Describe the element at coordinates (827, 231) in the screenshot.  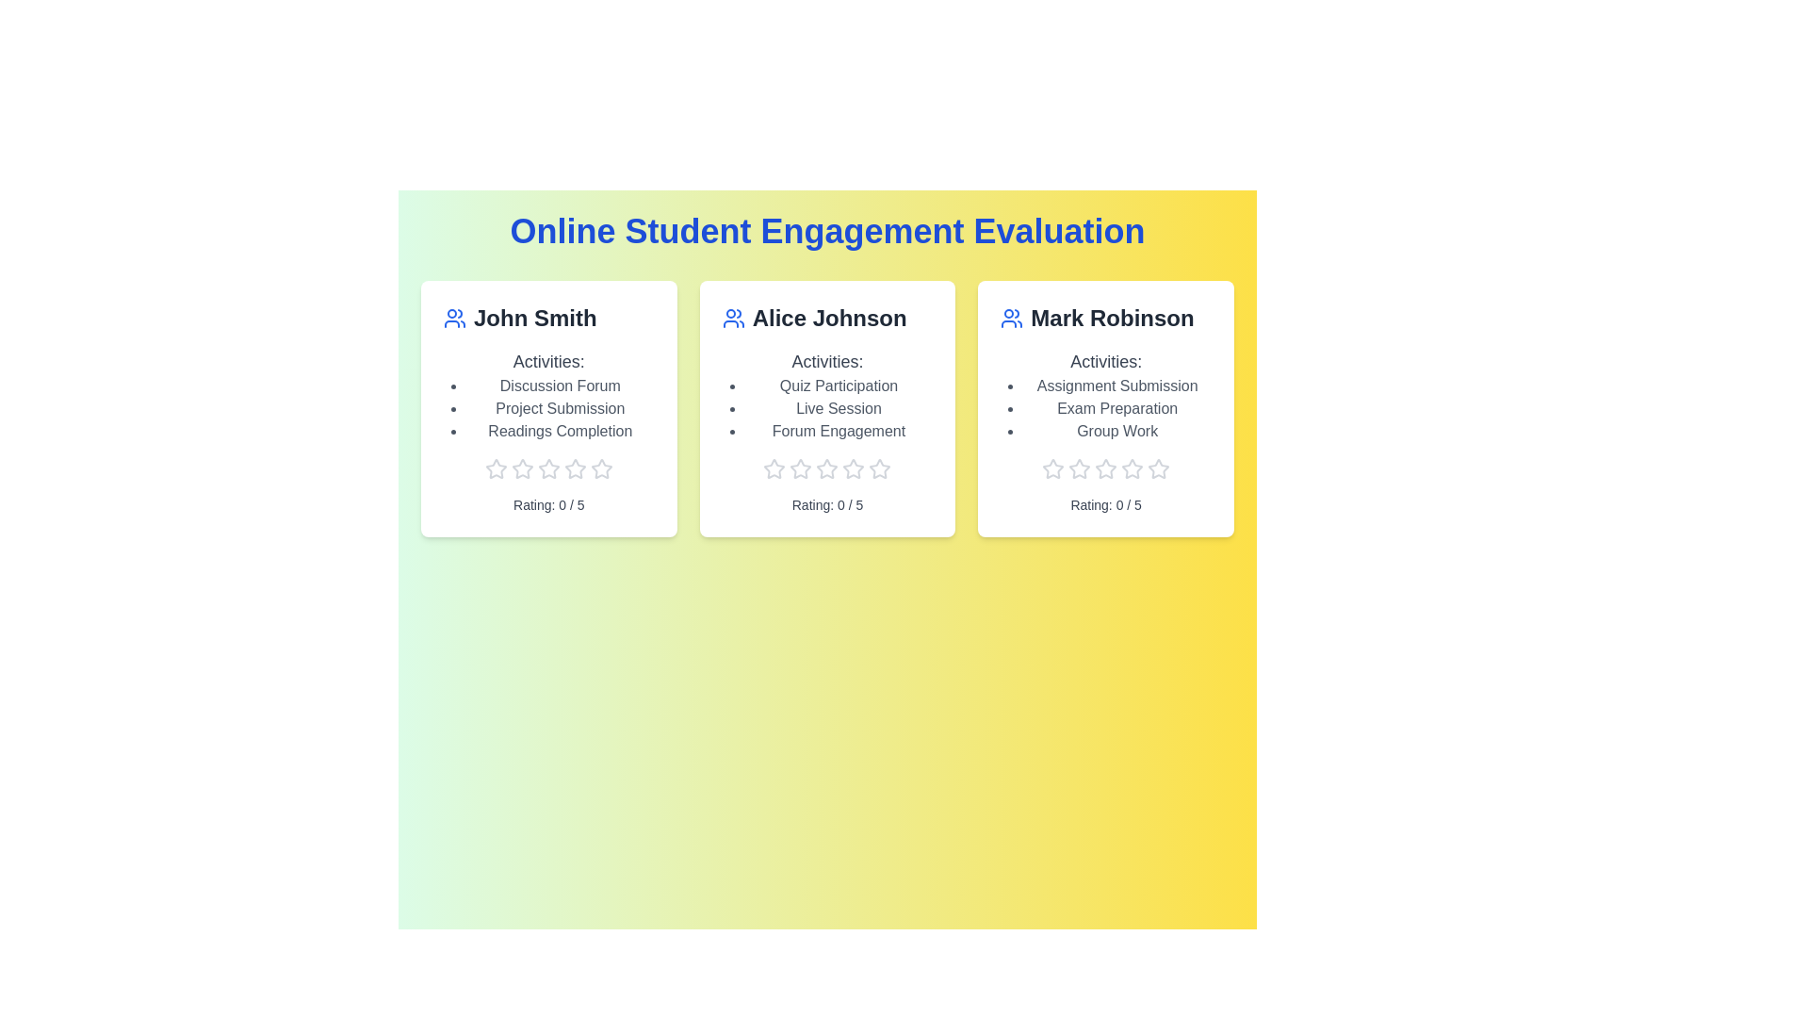
I see `the header text of the component` at that location.